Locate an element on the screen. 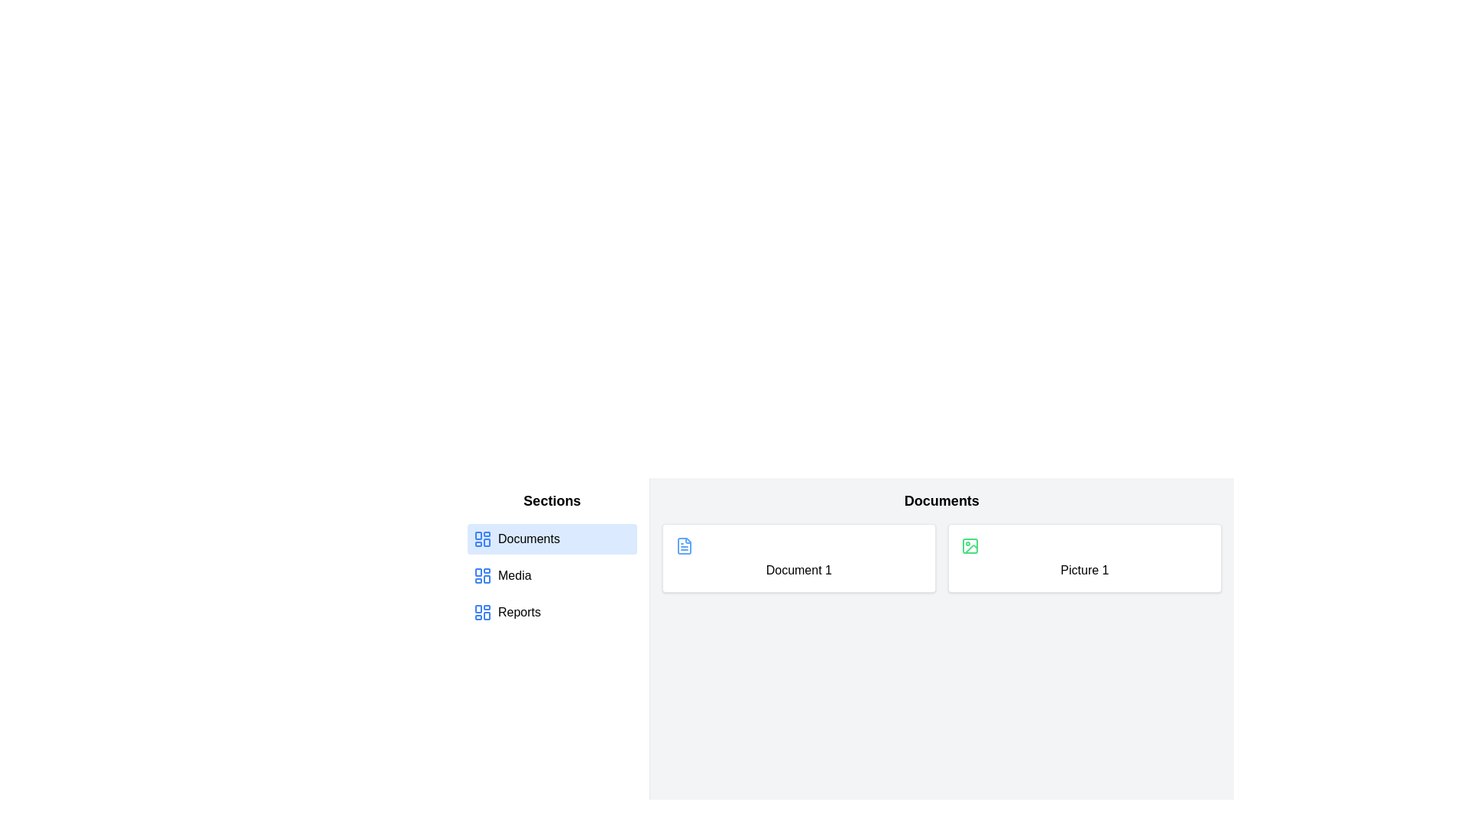 The width and height of the screenshot is (1467, 825). 'Reports' section icon located in the sidebar under the 'Sections' label, positioned beside the 'Reports' text is located at coordinates (482, 612).